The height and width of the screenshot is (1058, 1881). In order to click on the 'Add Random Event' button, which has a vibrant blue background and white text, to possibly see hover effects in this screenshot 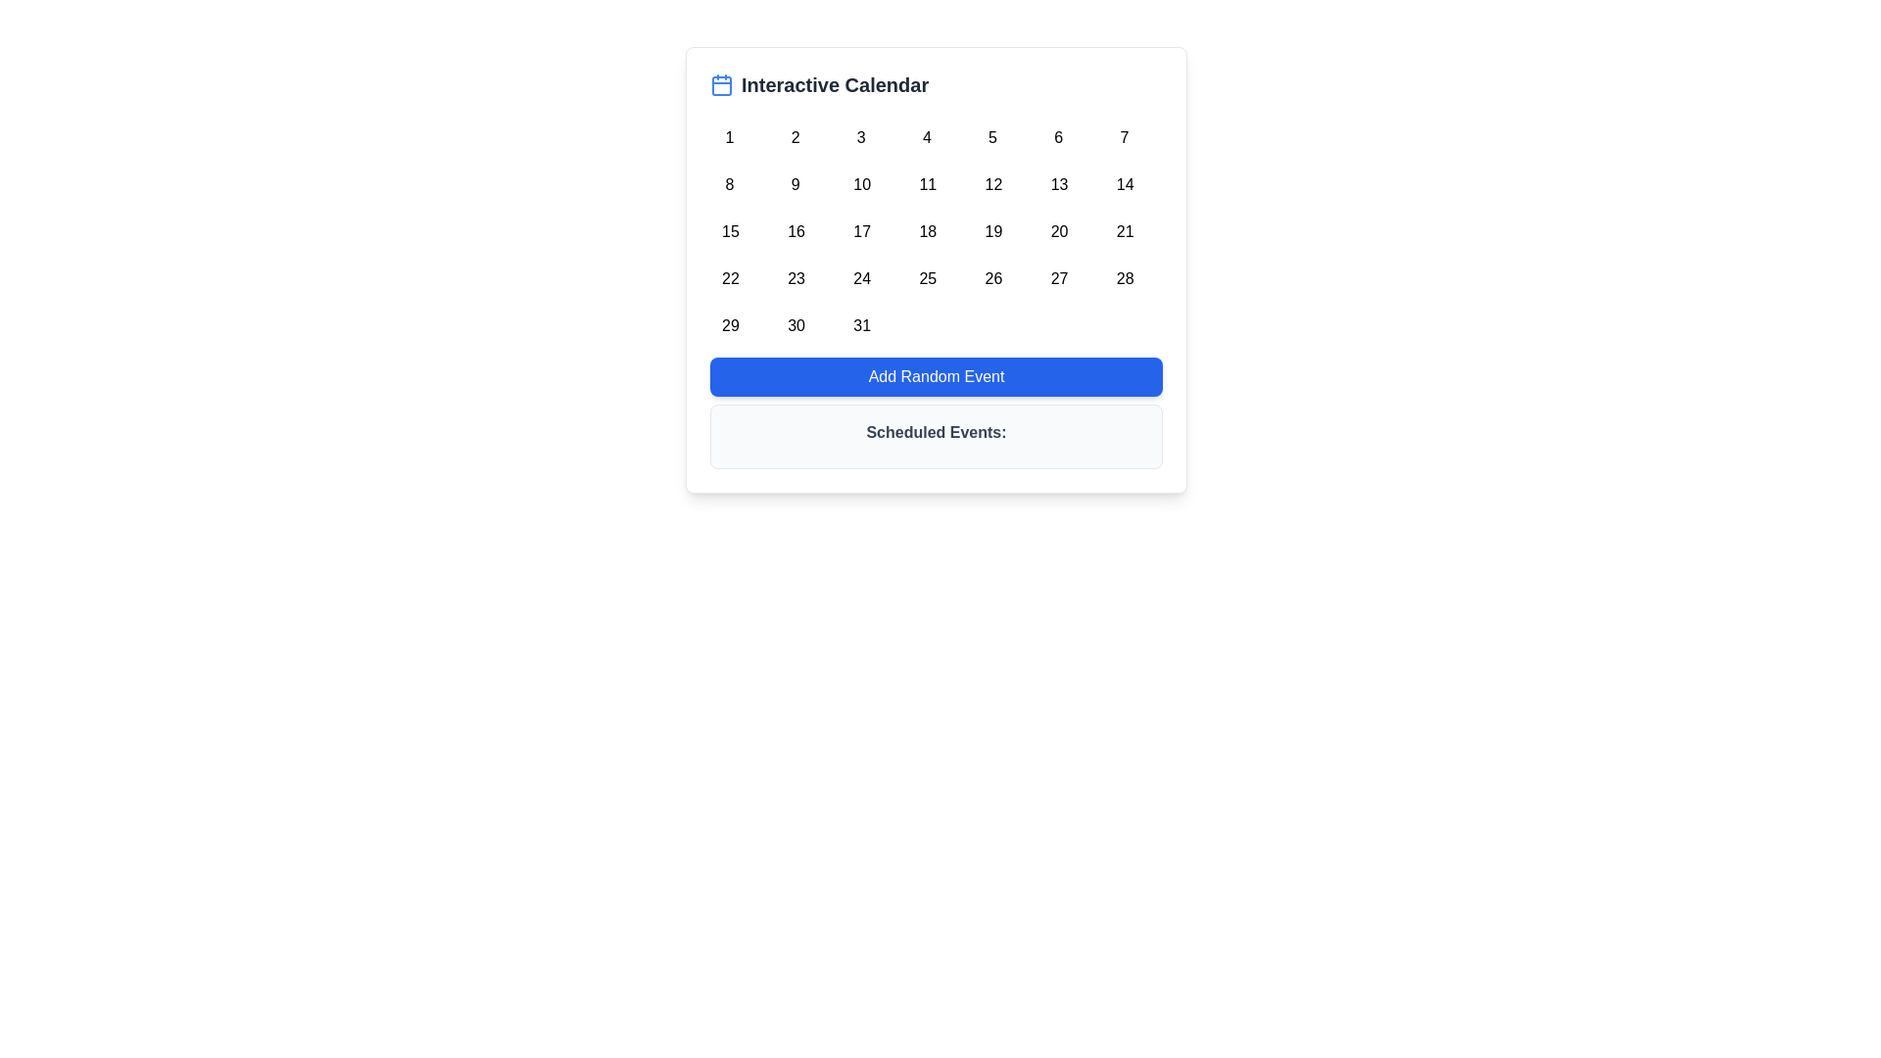, I will do `click(935, 377)`.